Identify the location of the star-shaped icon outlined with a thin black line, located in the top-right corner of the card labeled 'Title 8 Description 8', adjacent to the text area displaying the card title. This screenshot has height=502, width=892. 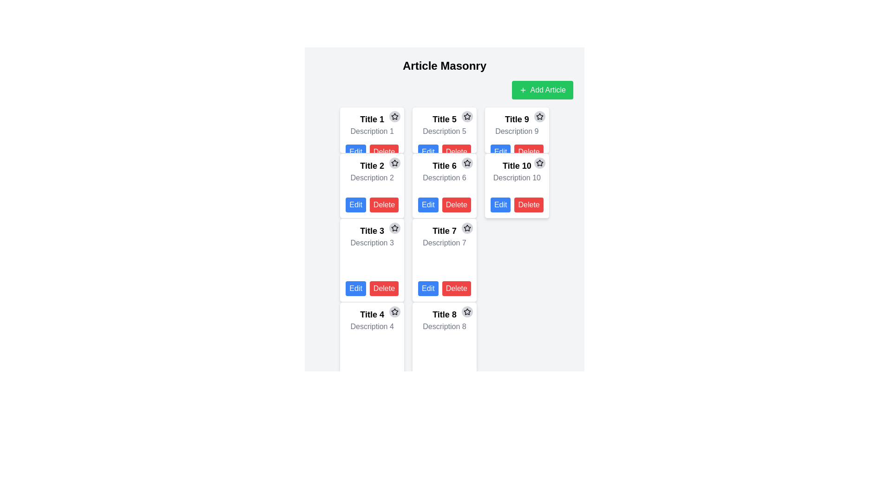
(467, 311).